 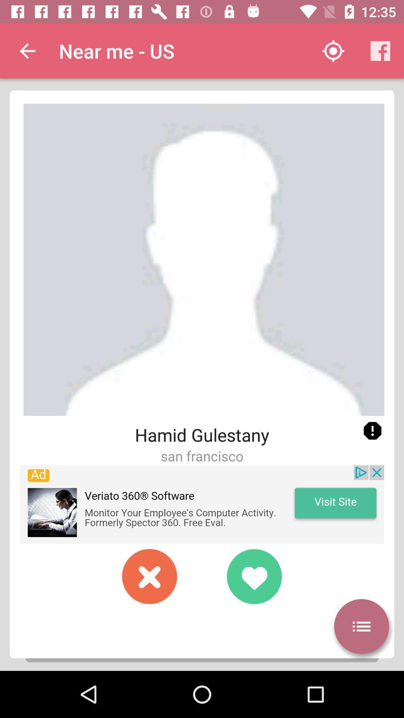 What do you see at coordinates (150, 576) in the screenshot?
I see `dislike user` at bounding box center [150, 576].